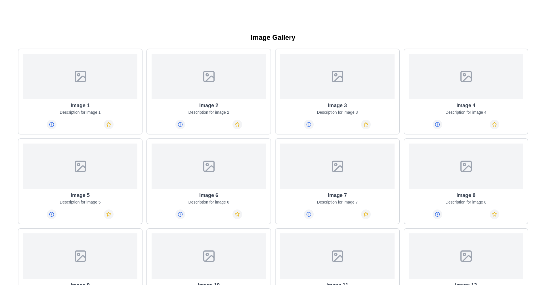 The width and height of the screenshot is (545, 307). What do you see at coordinates (208, 91) in the screenshot?
I see `the second gallery item card in the grid layout, which features an image placeholder and textual details` at bounding box center [208, 91].